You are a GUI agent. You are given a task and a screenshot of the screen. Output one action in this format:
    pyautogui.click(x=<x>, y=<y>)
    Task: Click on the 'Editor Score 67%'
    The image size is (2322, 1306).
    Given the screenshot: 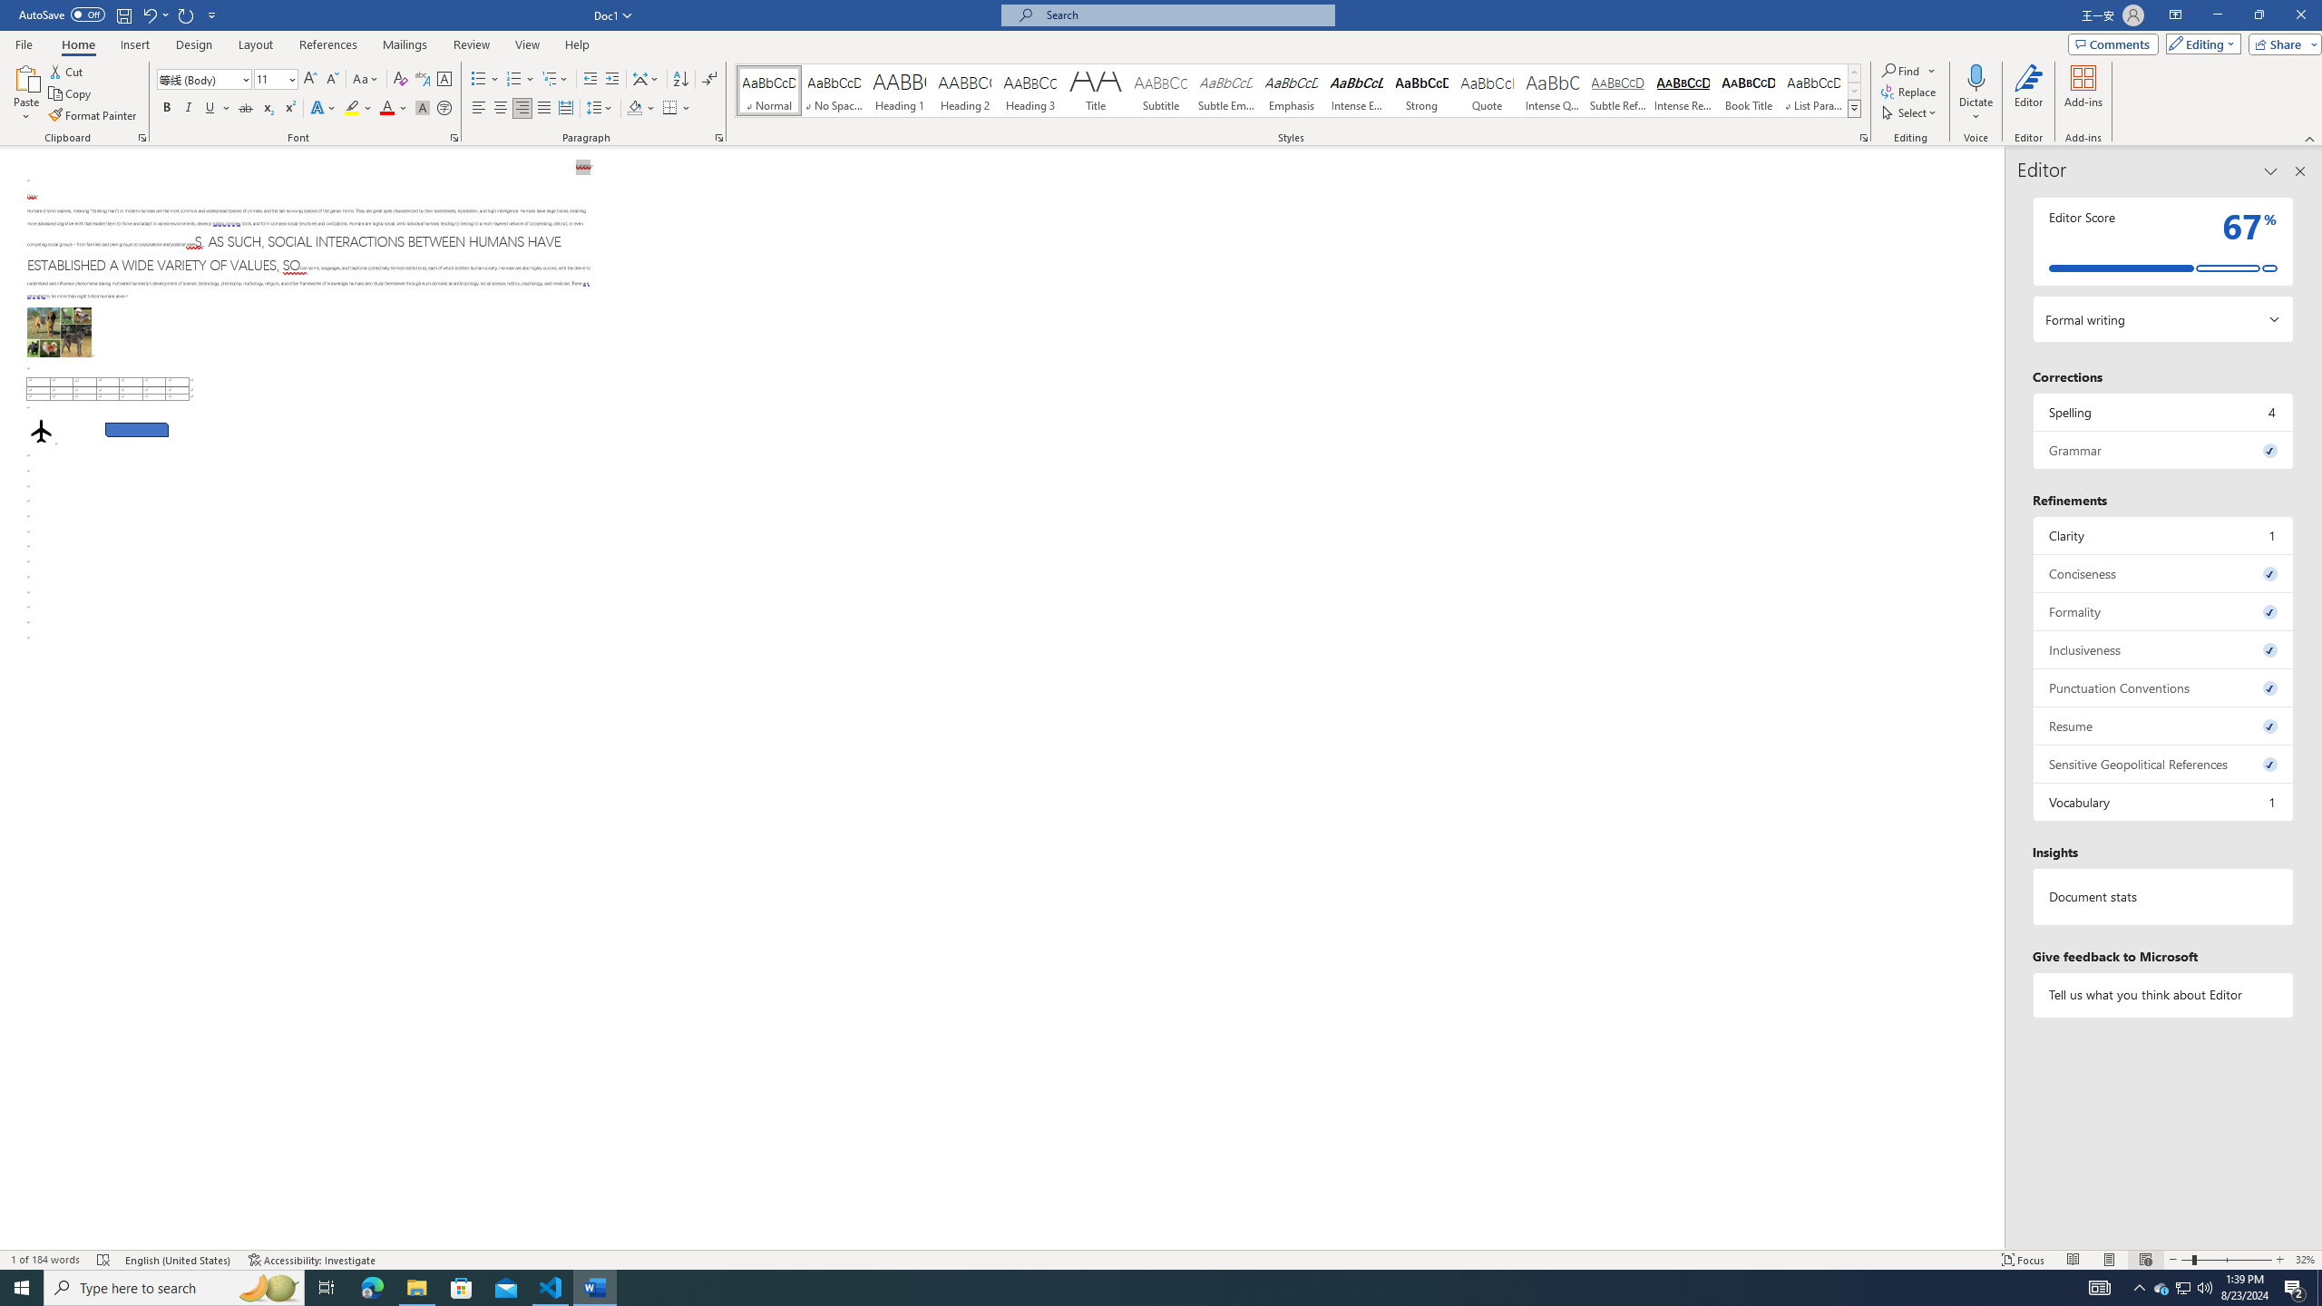 What is the action you would take?
    pyautogui.click(x=2162, y=240)
    